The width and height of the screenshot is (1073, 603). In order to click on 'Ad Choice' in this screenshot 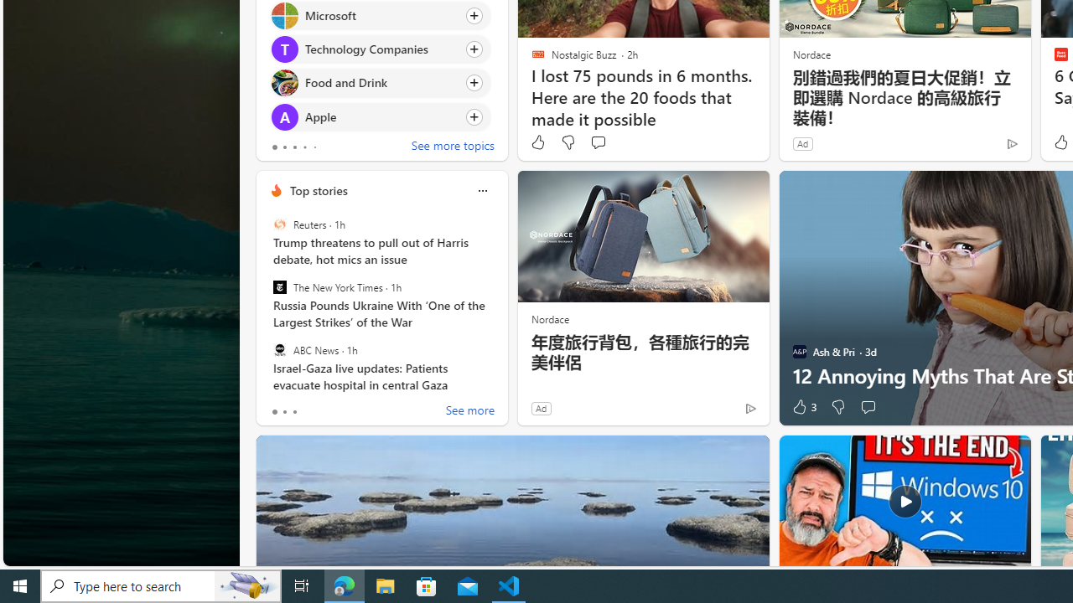, I will do `click(750, 408)`.